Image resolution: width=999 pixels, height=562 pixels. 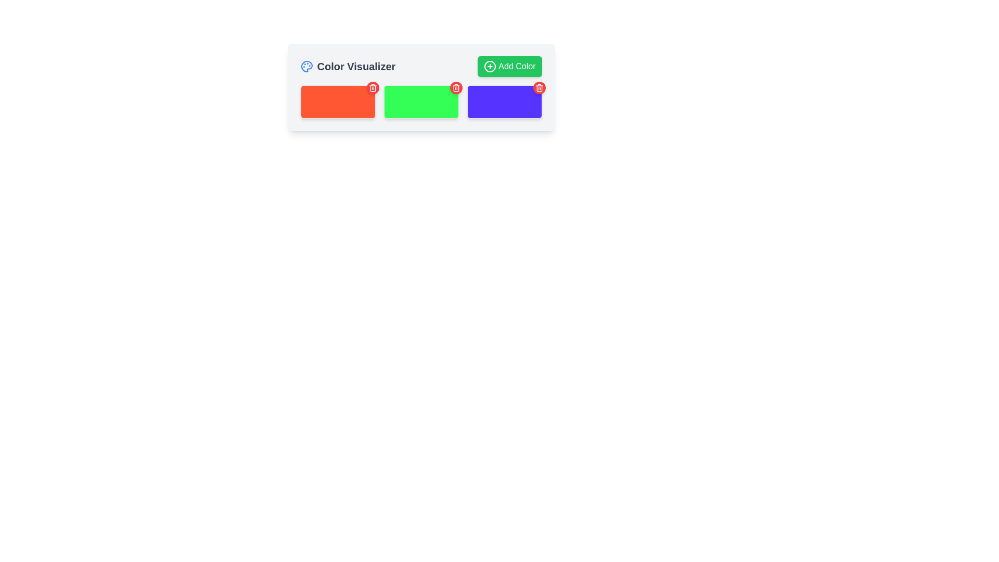 What do you see at coordinates (509, 66) in the screenshot?
I see `the 'Add Color' button, which has a green background, white text, and a plus icon` at bounding box center [509, 66].